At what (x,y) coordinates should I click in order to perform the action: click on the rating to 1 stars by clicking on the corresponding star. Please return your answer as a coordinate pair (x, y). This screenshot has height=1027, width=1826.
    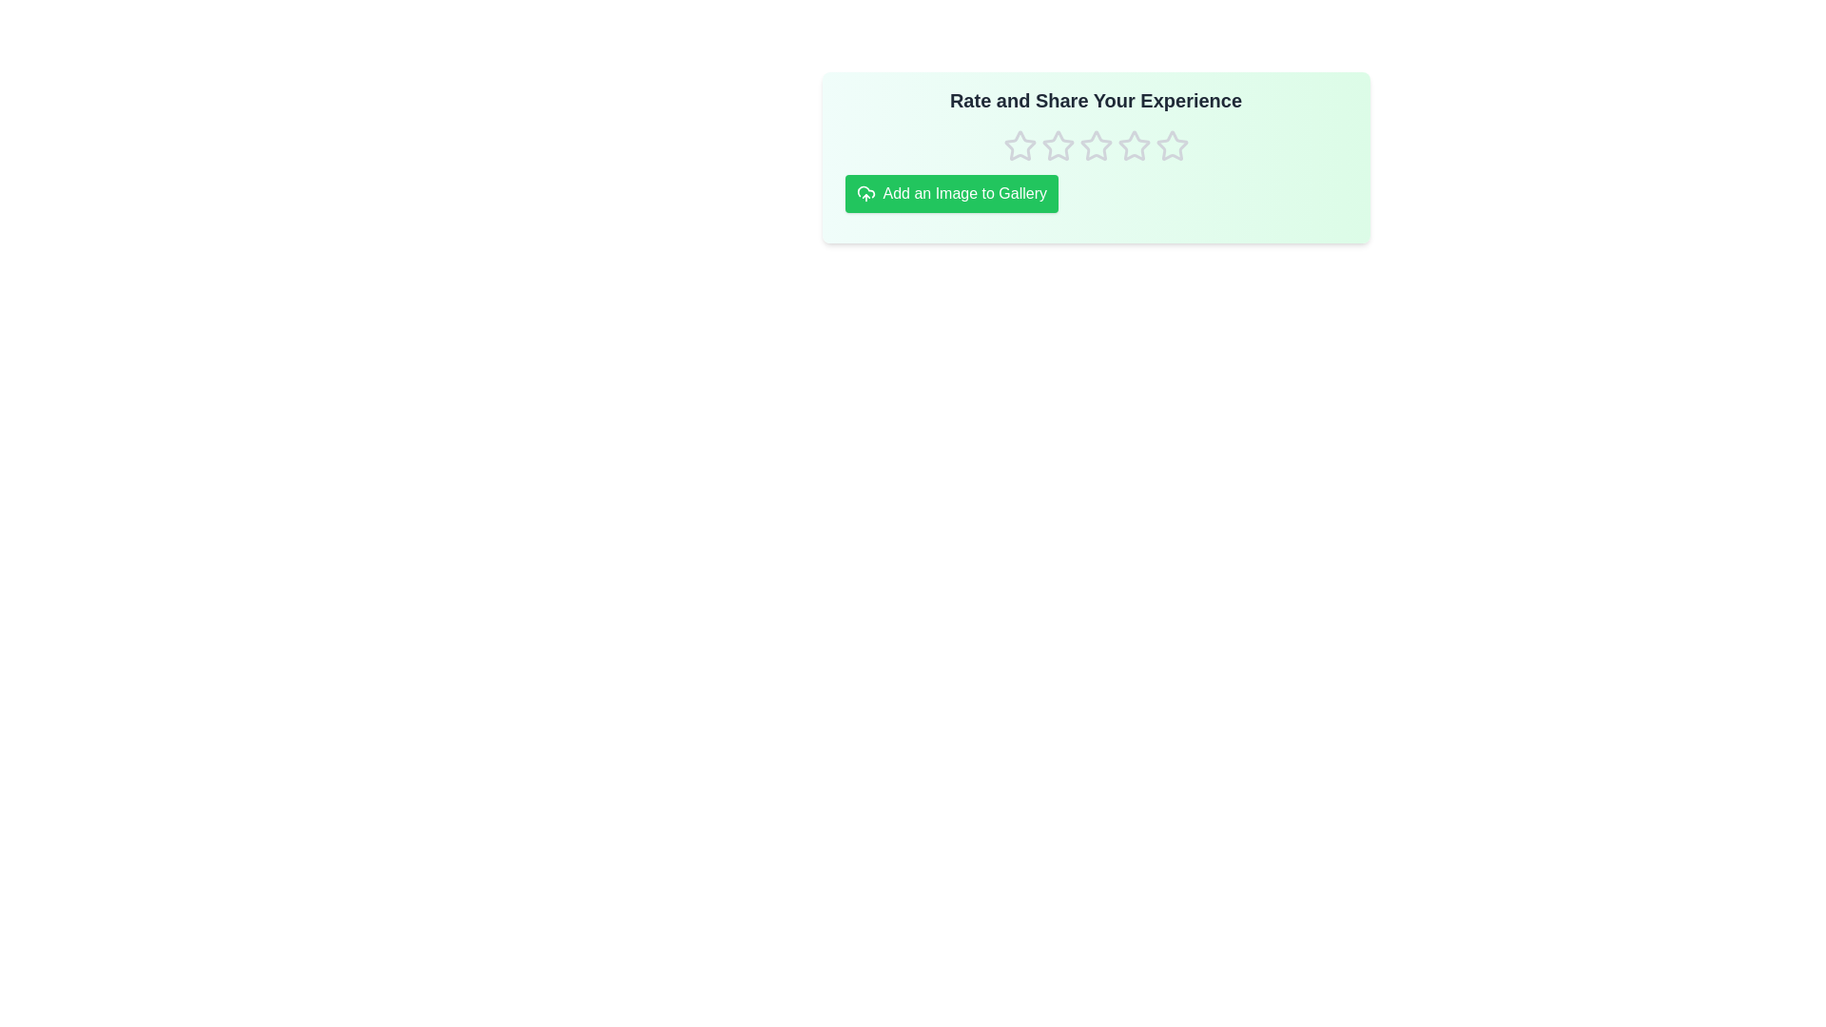
    Looking at the image, I should click on (1019, 145).